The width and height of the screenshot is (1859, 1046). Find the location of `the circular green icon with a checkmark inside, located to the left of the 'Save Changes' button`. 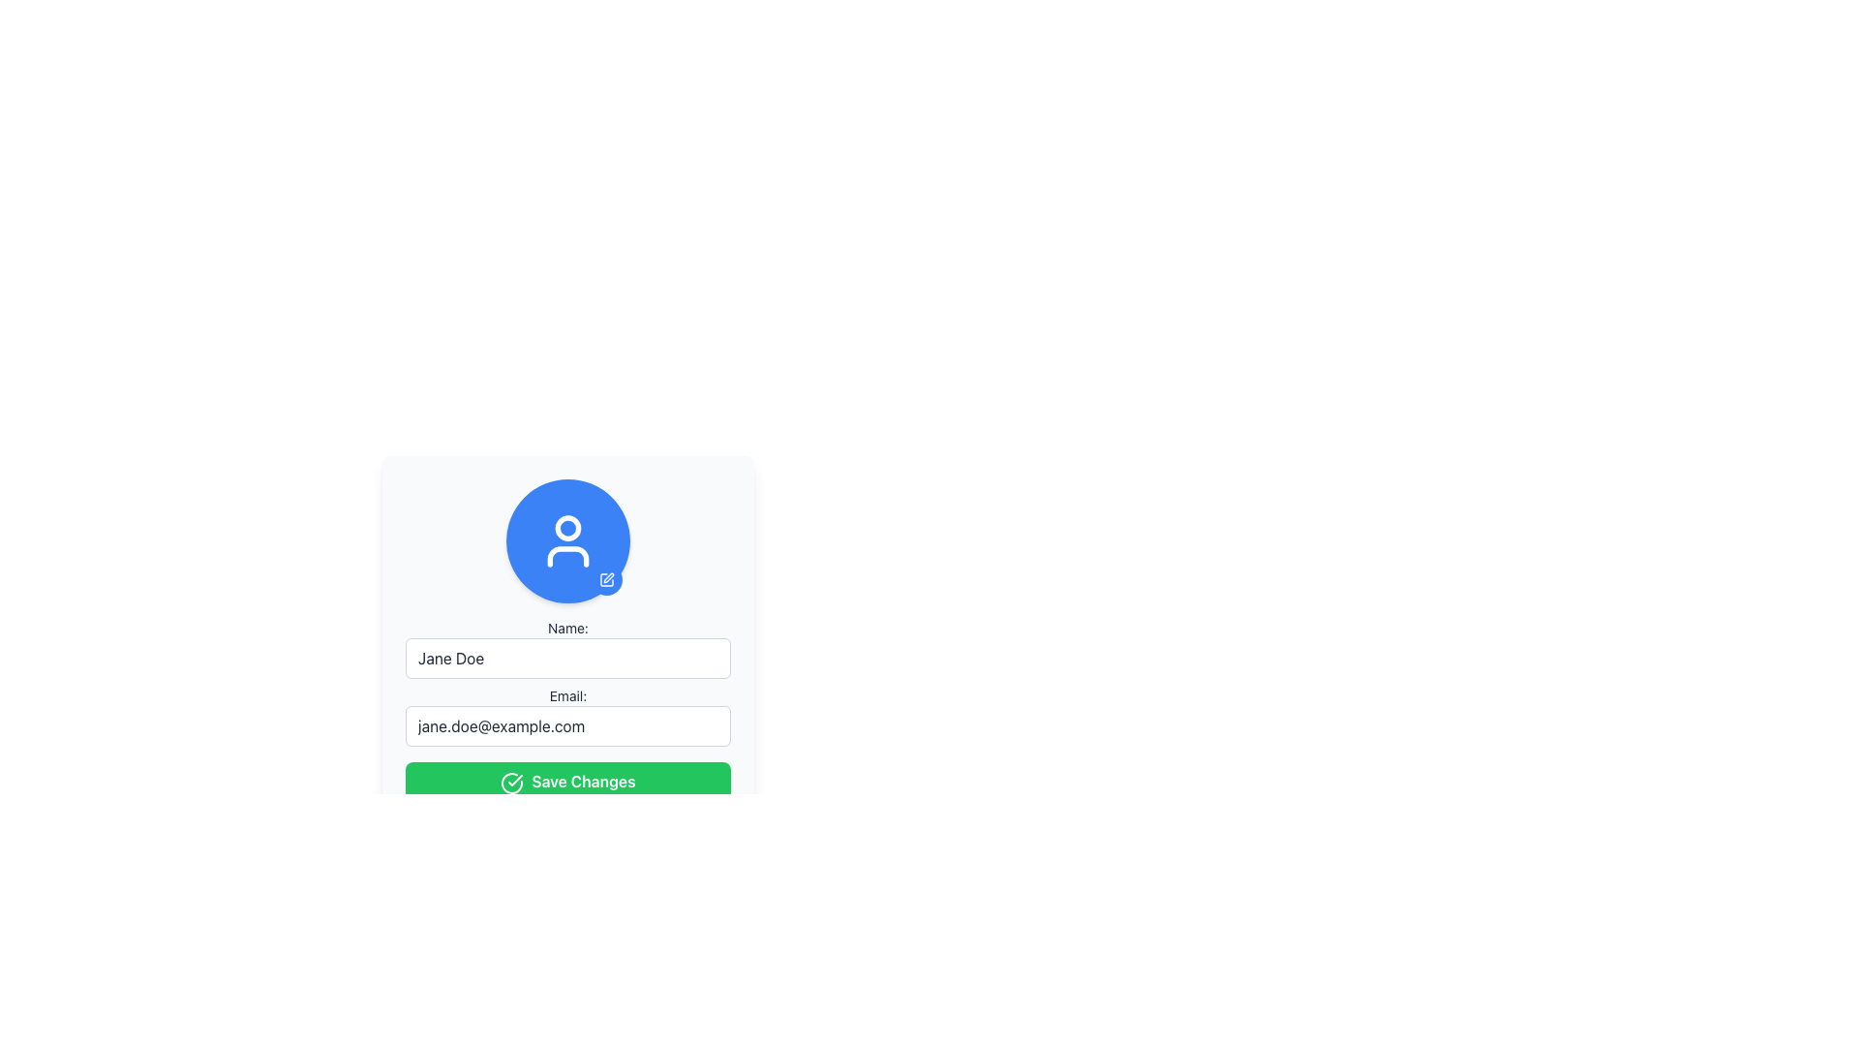

the circular green icon with a checkmark inside, located to the left of the 'Save Changes' button is located at coordinates (512, 782).